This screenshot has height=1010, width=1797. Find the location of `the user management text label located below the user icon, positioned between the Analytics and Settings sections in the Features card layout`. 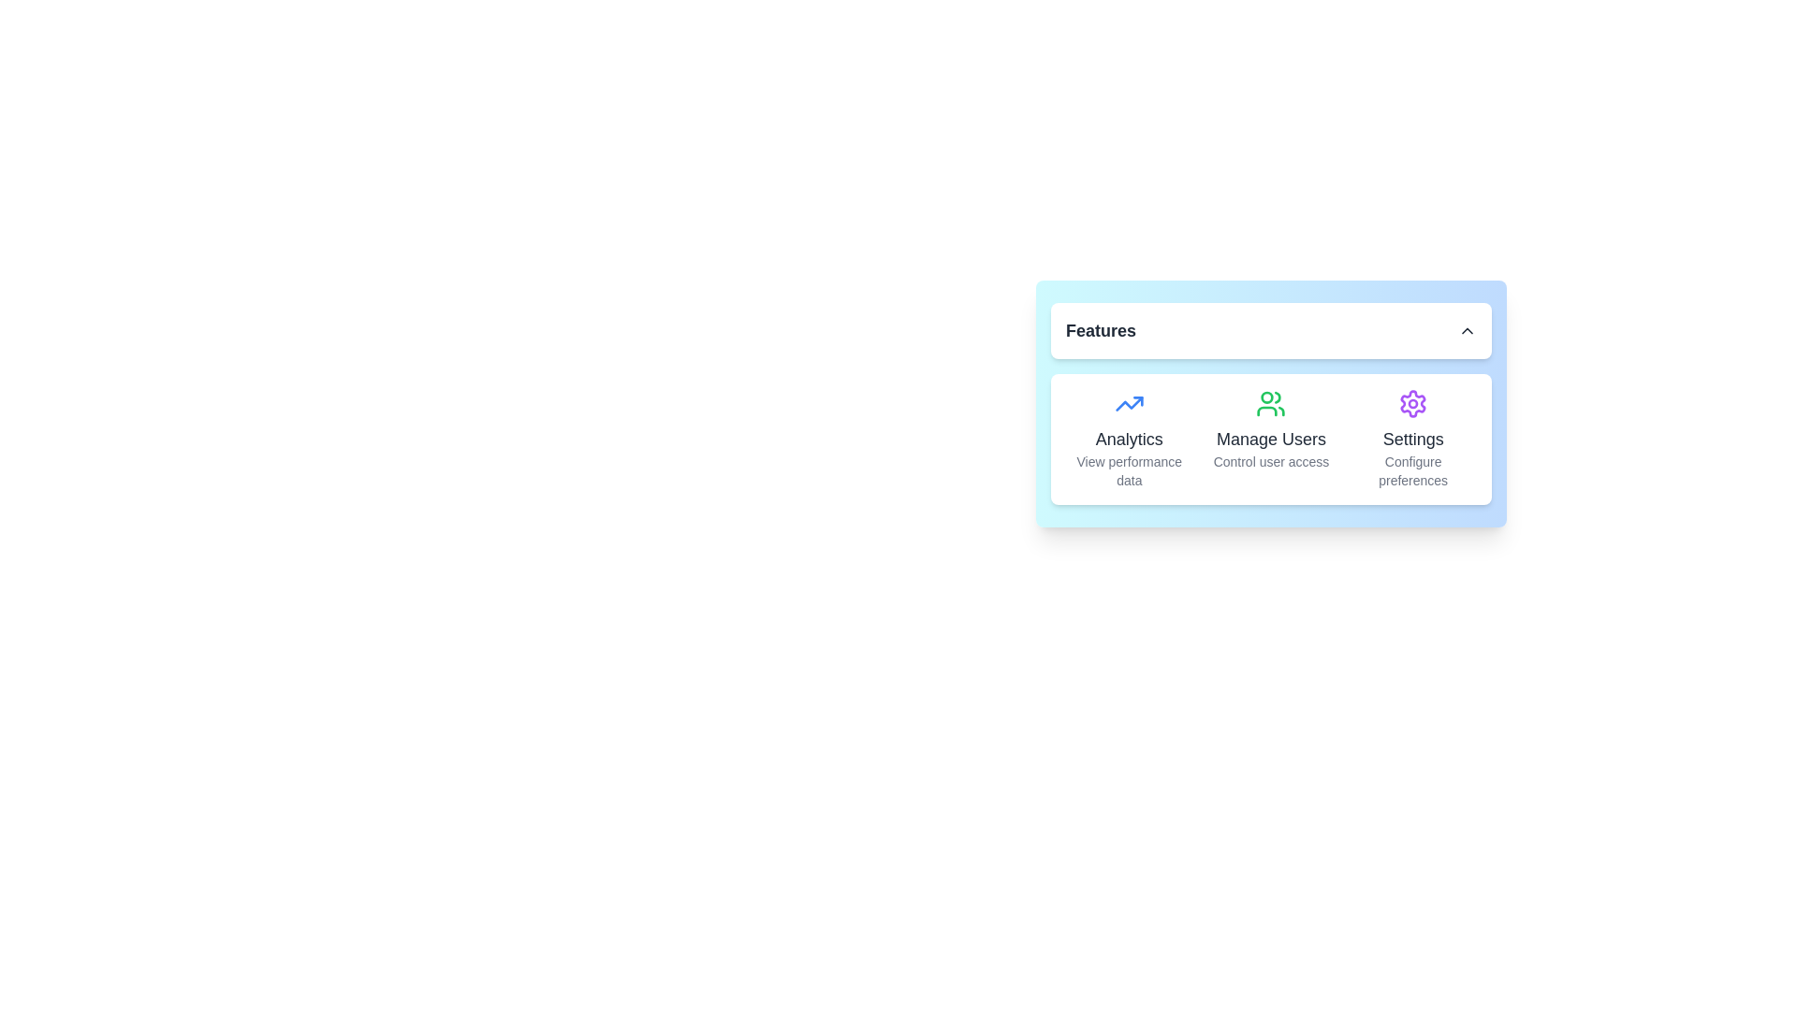

the user management text label located below the user icon, positioned between the Analytics and Settings sections in the Features card layout is located at coordinates (1271, 440).